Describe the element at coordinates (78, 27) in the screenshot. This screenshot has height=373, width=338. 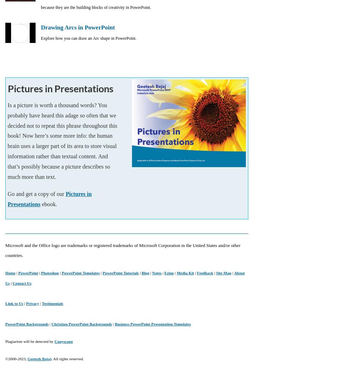
I see `'Drawing Arcs in PowerPoint'` at that location.